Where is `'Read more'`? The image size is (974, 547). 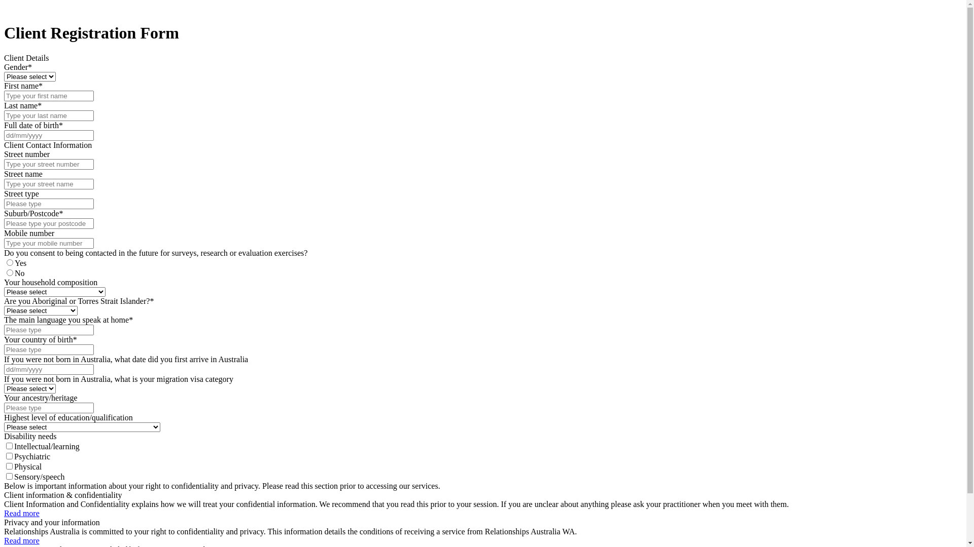 'Read more' is located at coordinates (22, 540).